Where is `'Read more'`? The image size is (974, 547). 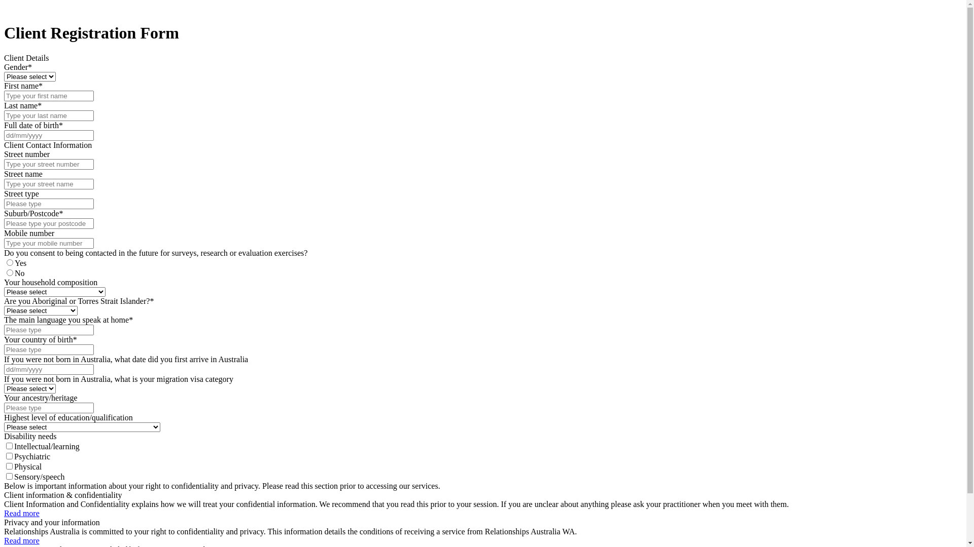 'Read more' is located at coordinates (22, 540).